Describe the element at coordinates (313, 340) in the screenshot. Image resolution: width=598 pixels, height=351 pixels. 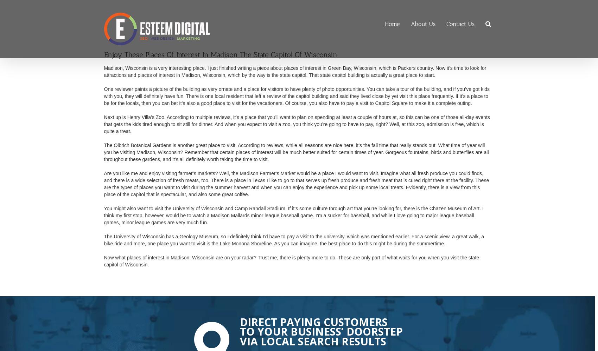
I see `'Via Local Search Results'` at that location.